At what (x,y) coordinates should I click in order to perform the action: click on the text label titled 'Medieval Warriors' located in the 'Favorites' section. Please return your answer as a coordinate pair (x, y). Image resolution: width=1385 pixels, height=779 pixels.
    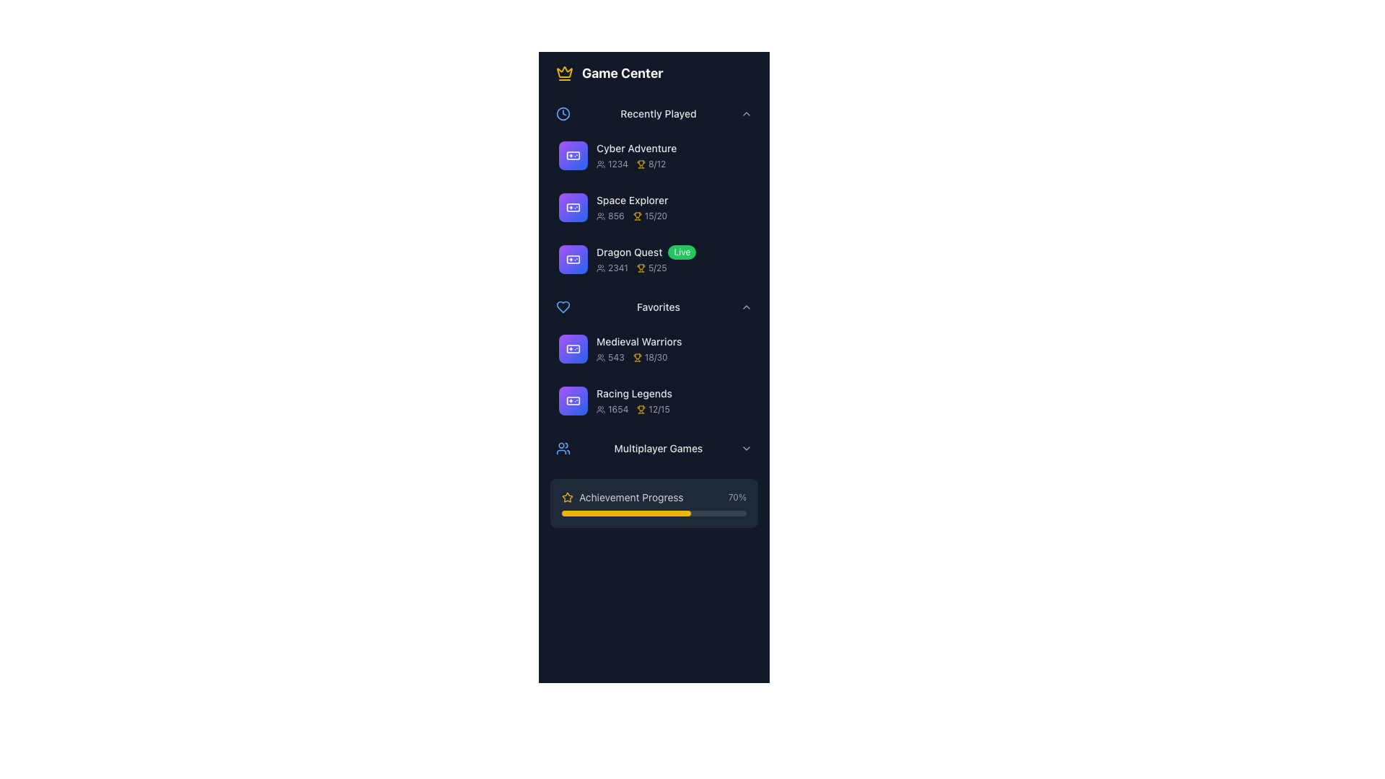
    Looking at the image, I should click on (638, 342).